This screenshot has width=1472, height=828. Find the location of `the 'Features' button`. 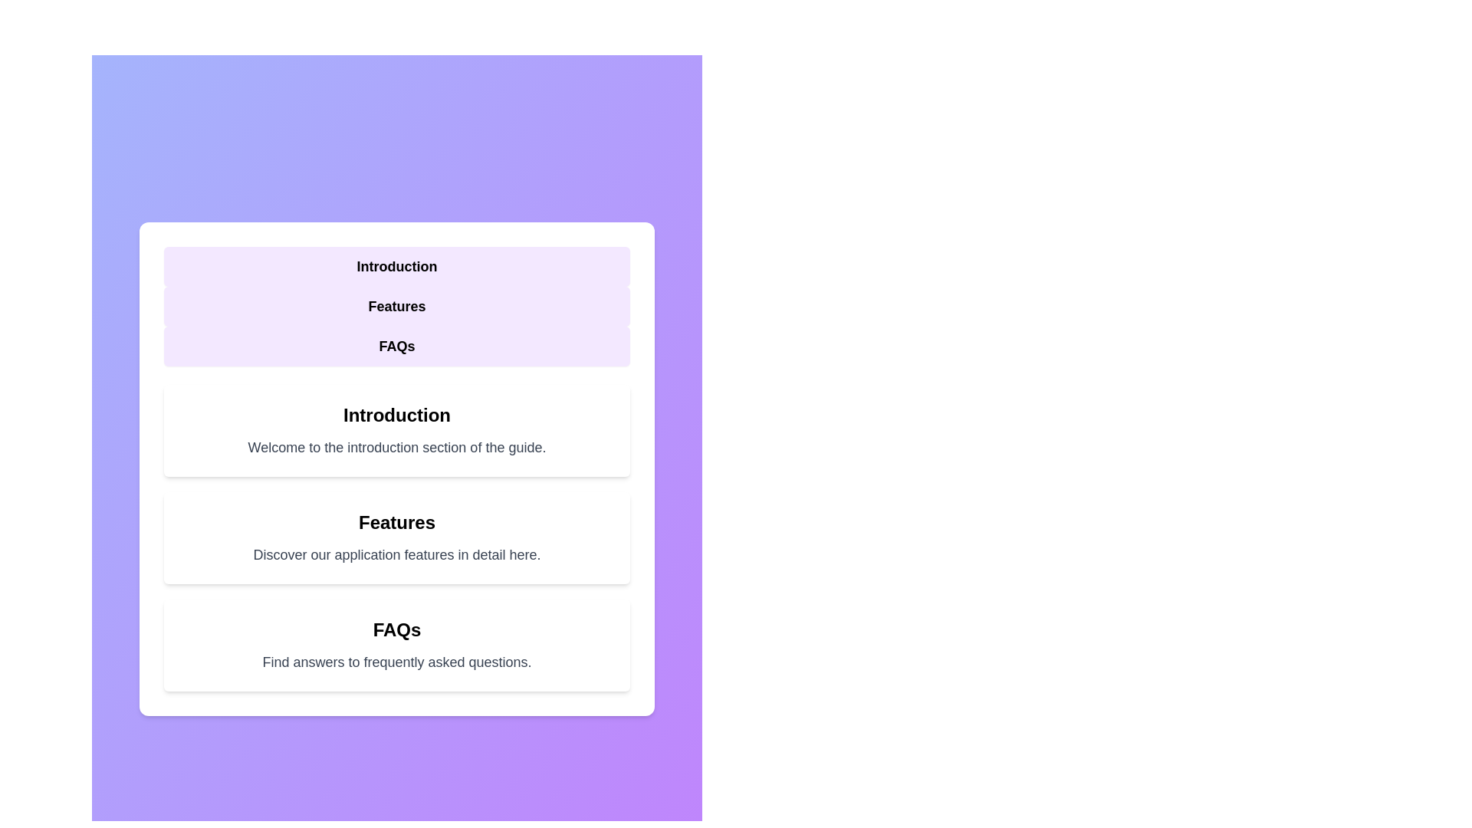

the 'Features' button is located at coordinates (397, 307).